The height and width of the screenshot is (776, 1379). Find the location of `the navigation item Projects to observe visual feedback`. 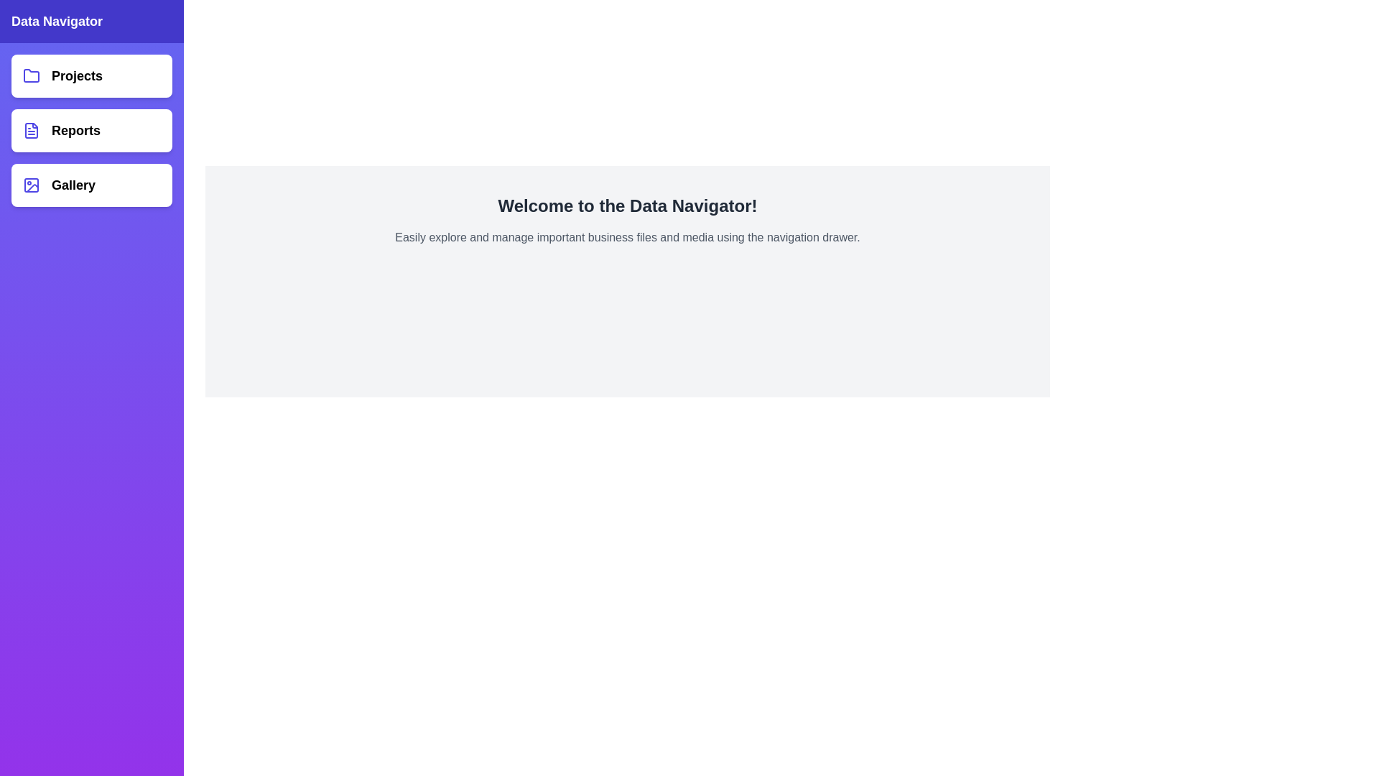

the navigation item Projects to observe visual feedback is located at coordinates (91, 75).